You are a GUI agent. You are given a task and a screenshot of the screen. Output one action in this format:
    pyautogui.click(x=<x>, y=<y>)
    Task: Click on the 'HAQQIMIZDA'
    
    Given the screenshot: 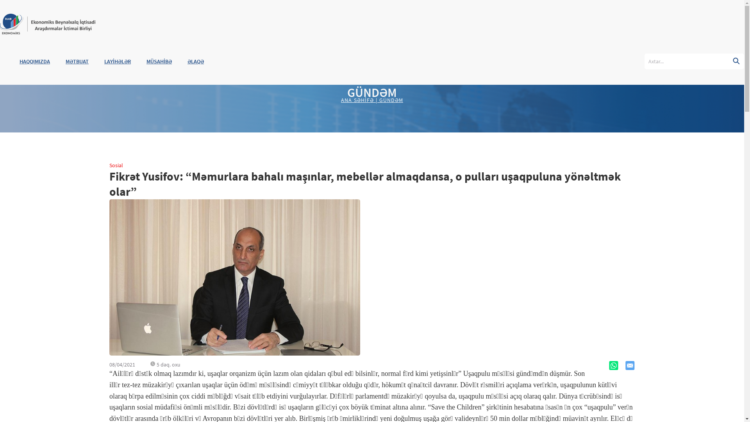 What is the action you would take?
    pyautogui.click(x=27, y=61)
    